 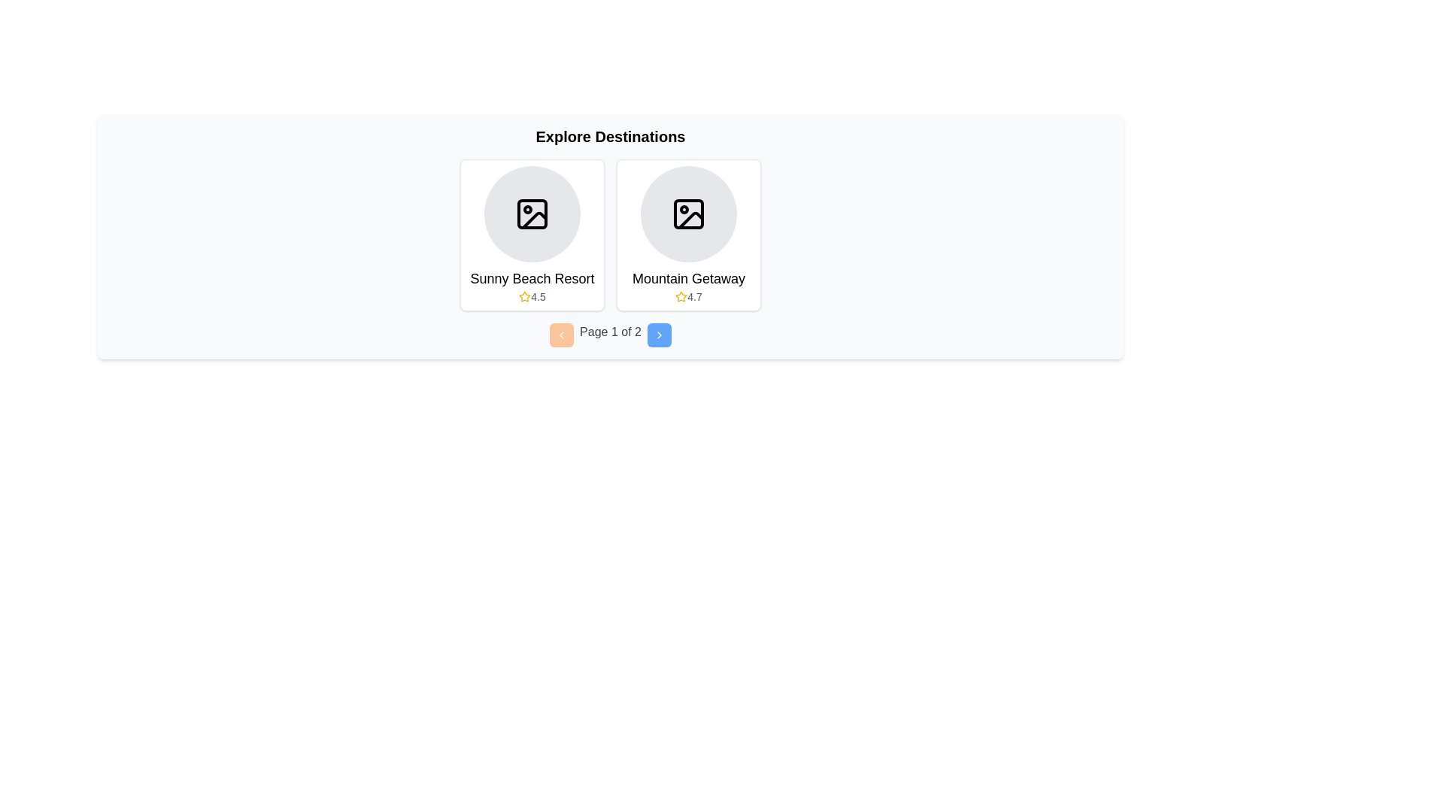 What do you see at coordinates (610, 335) in the screenshot?
I see `the Text Display element that indicates the current page and total number of pages, positioned below the main content and bordered by an orange button on the left and a blue button on the right` at bounding box center [610, 335].